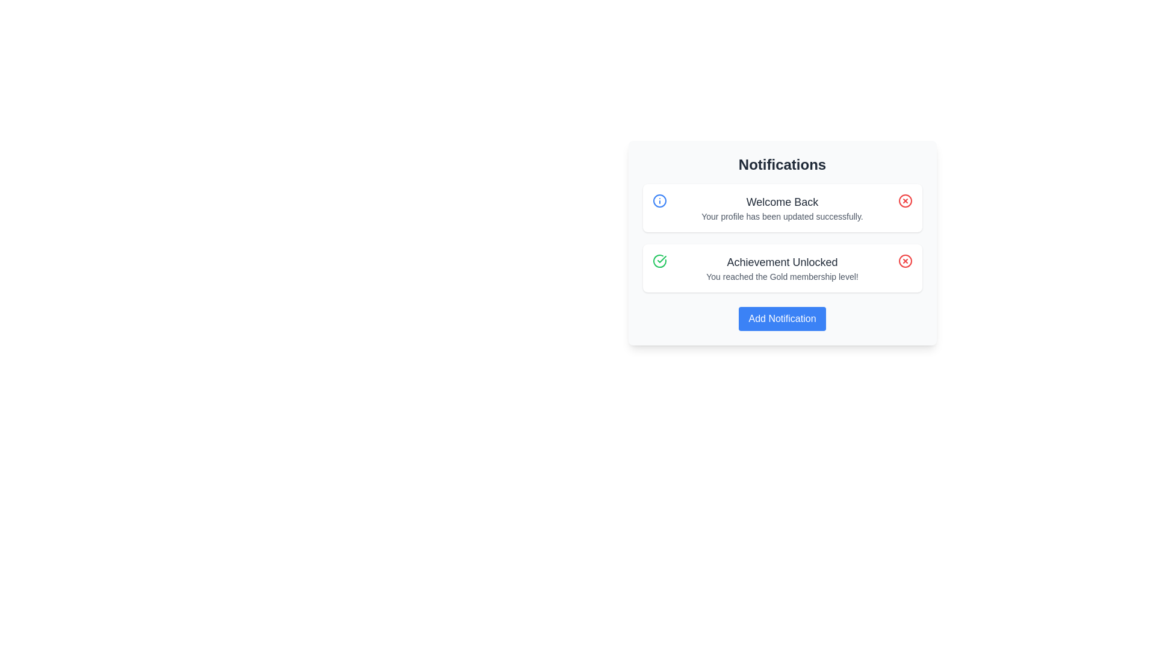  What do you see at coordinates (782, 261) in the screenshot?
I see `text 'Achievement Unlocked' which is styled in a large, bold font and is presented in dark gray color at the top of the notification card, located to the right of a green checkmark icon` at bounding box center [782, 261].